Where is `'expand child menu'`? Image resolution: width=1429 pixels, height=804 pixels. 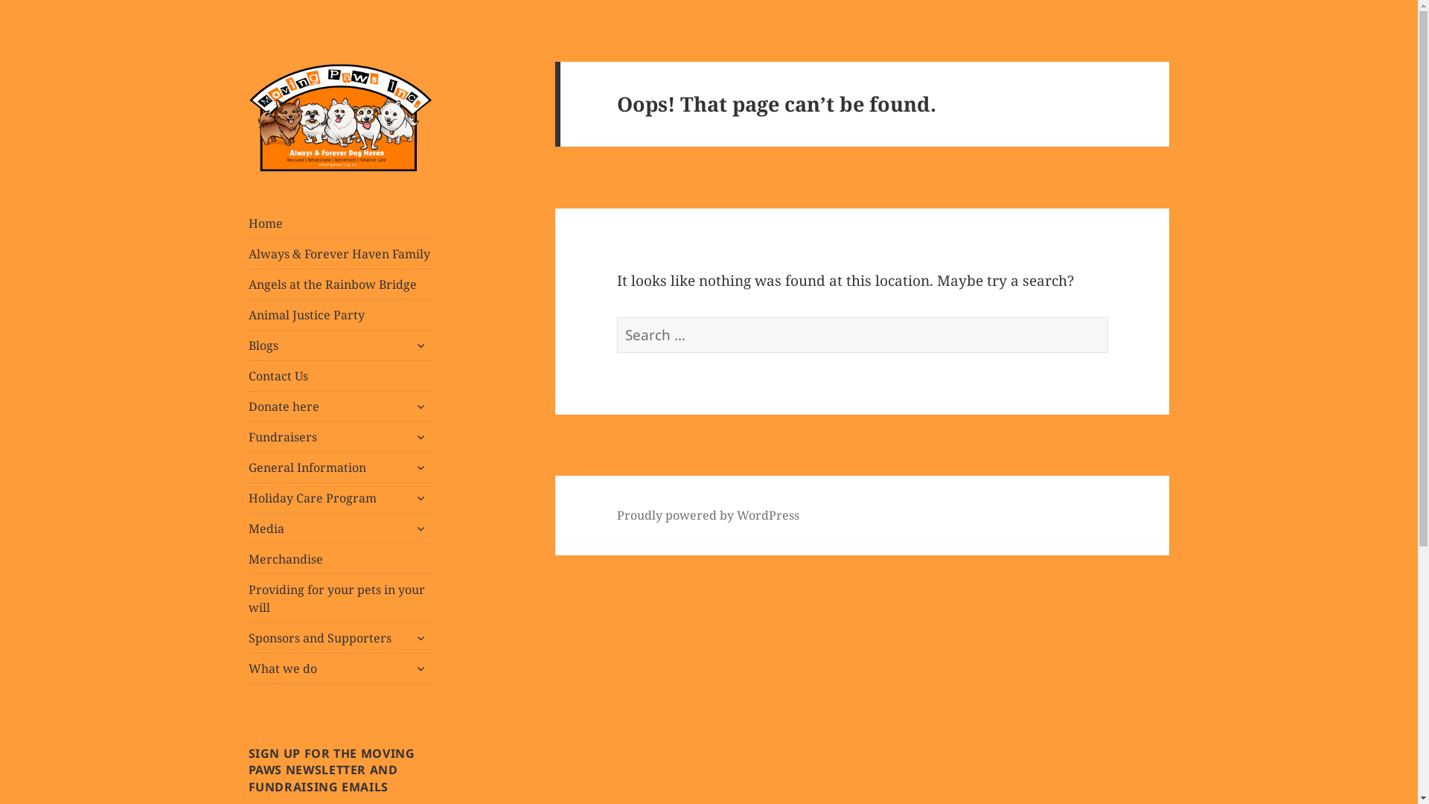 'expand child menu' is located at coordinates (408, 406).